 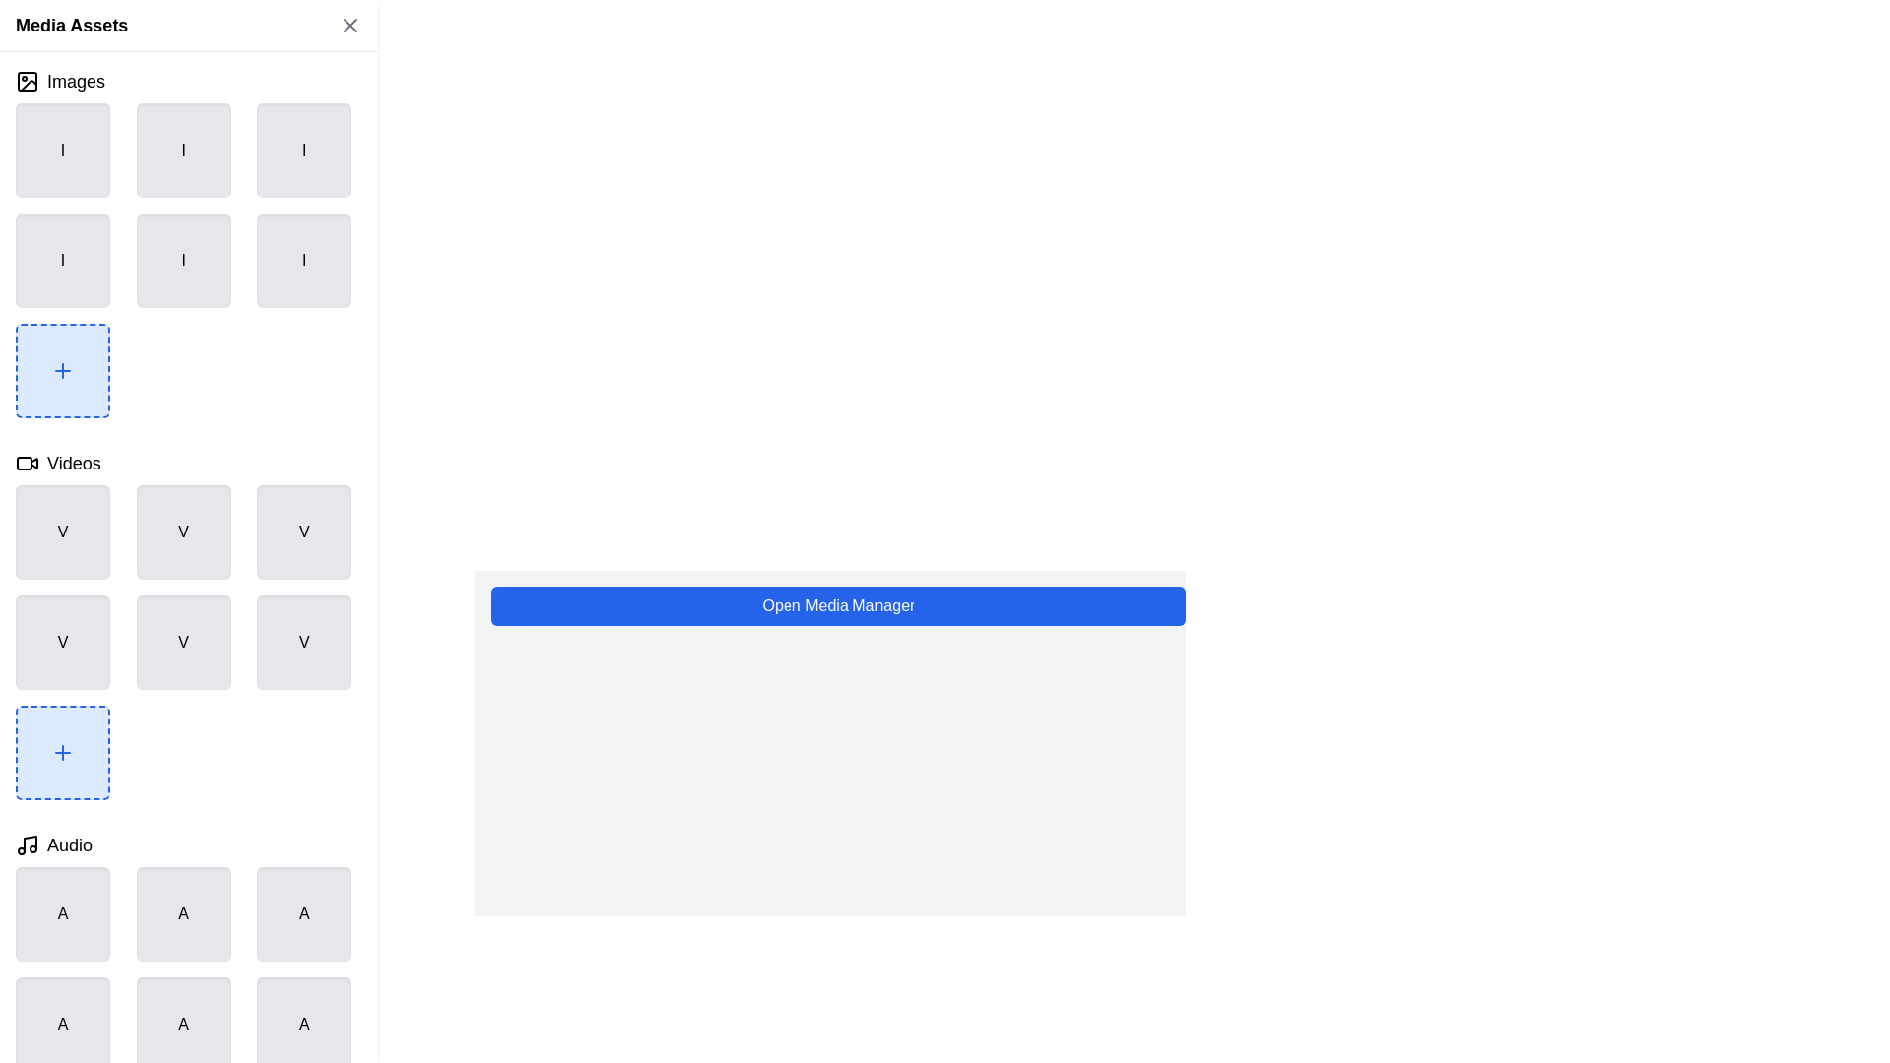 I want to click on the 'Audio' button, which features a music note icon and is located under the 'Media Assets' panel, directly beneath the 'Videos' subsection, so click(x=54, y=844).